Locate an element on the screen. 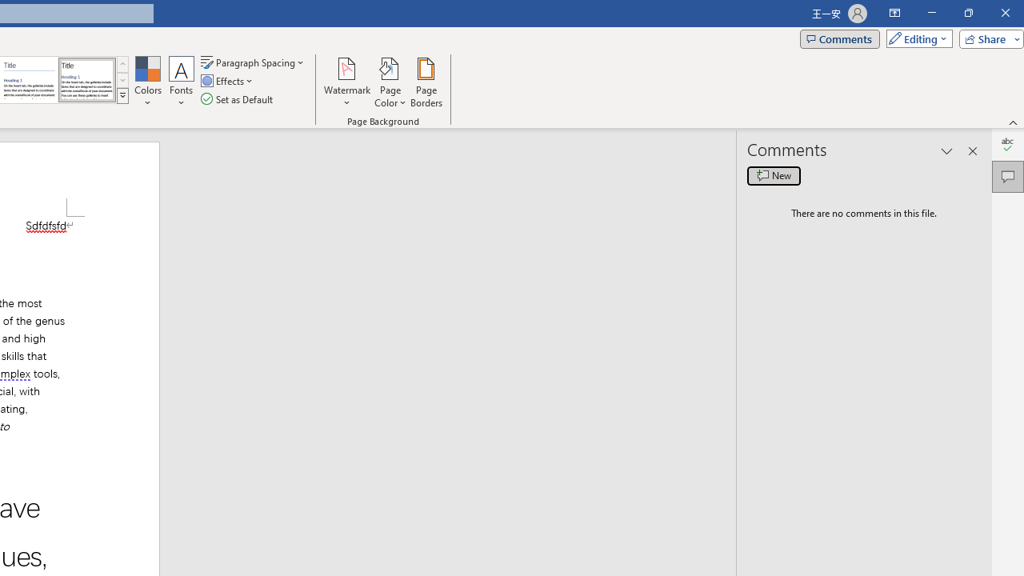 This screenshot has height=576, width=1024. 'New comment' is located at coordinates (774, 175).